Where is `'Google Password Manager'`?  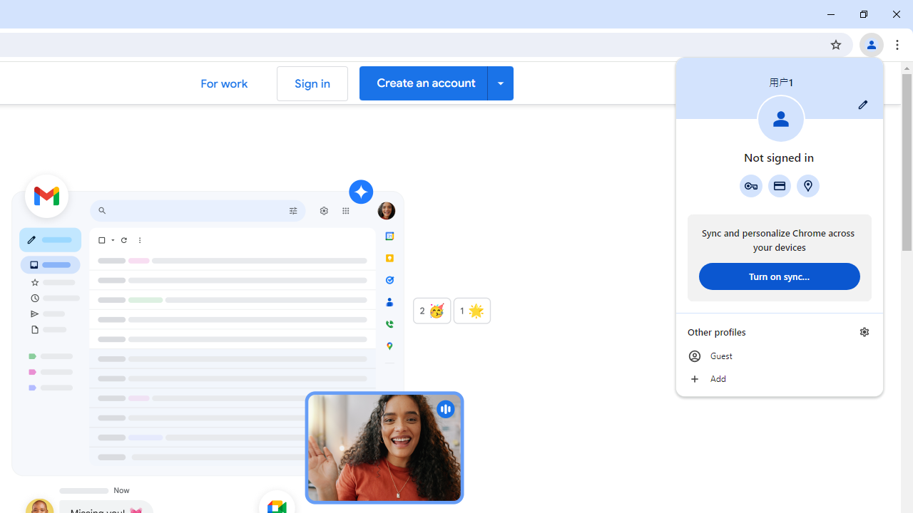
'Google Password Manager' is located at coordinates (750, 185).